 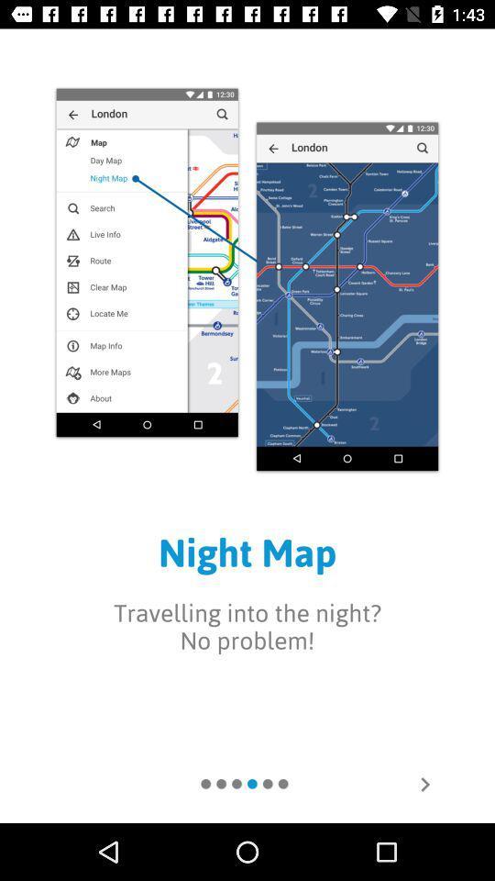 I want to click on the arrow_forward icon, so click(x=424, y=783).